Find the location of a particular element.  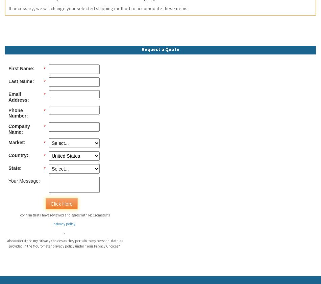

'I also understand my privacy choices as they pertain to my personal data as provided in the McCrometer privacy policy under "Your Privacy Choices"' is located at coordinates (64, 243).